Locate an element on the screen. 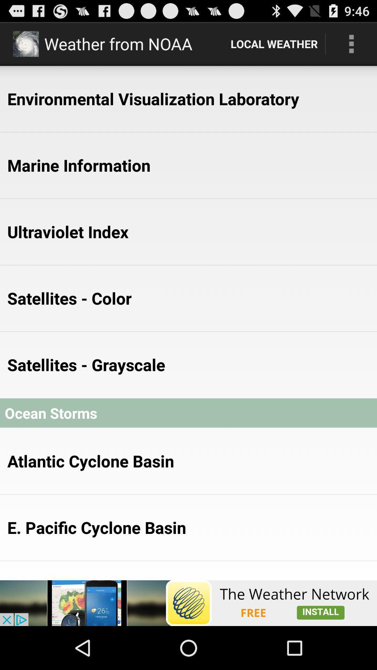  click advertisement is located at coordinates (188, 603).